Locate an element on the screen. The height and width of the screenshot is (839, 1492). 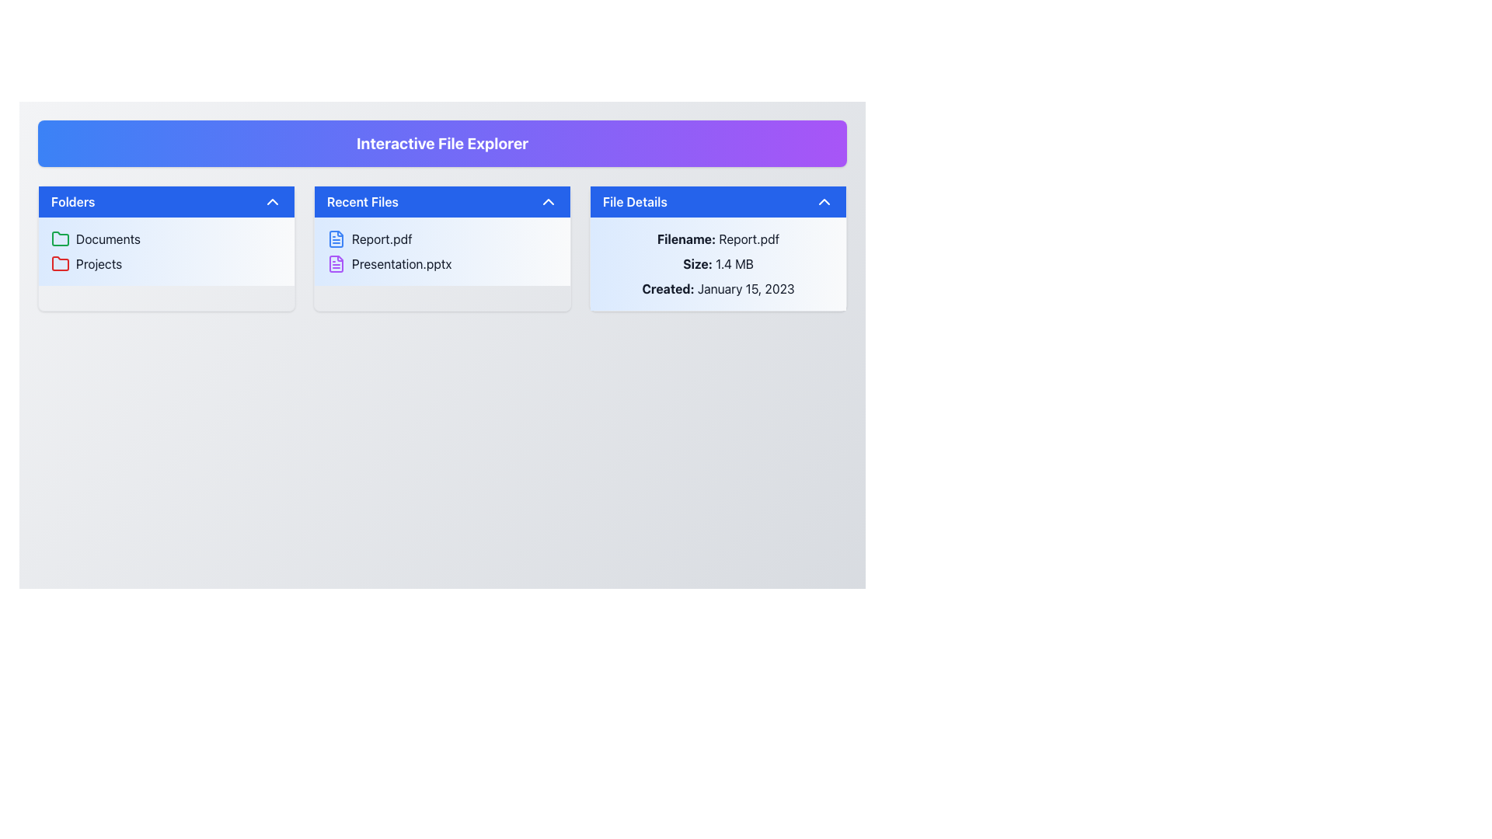
the 'Documents' folder in the list of folders is located at coordinates (166, 239).